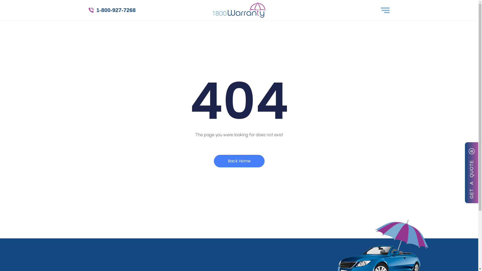  What do you see at coordinates (239, 161) in the screenshot?
I see `'Back Home'` at bounding box center [239, 161].